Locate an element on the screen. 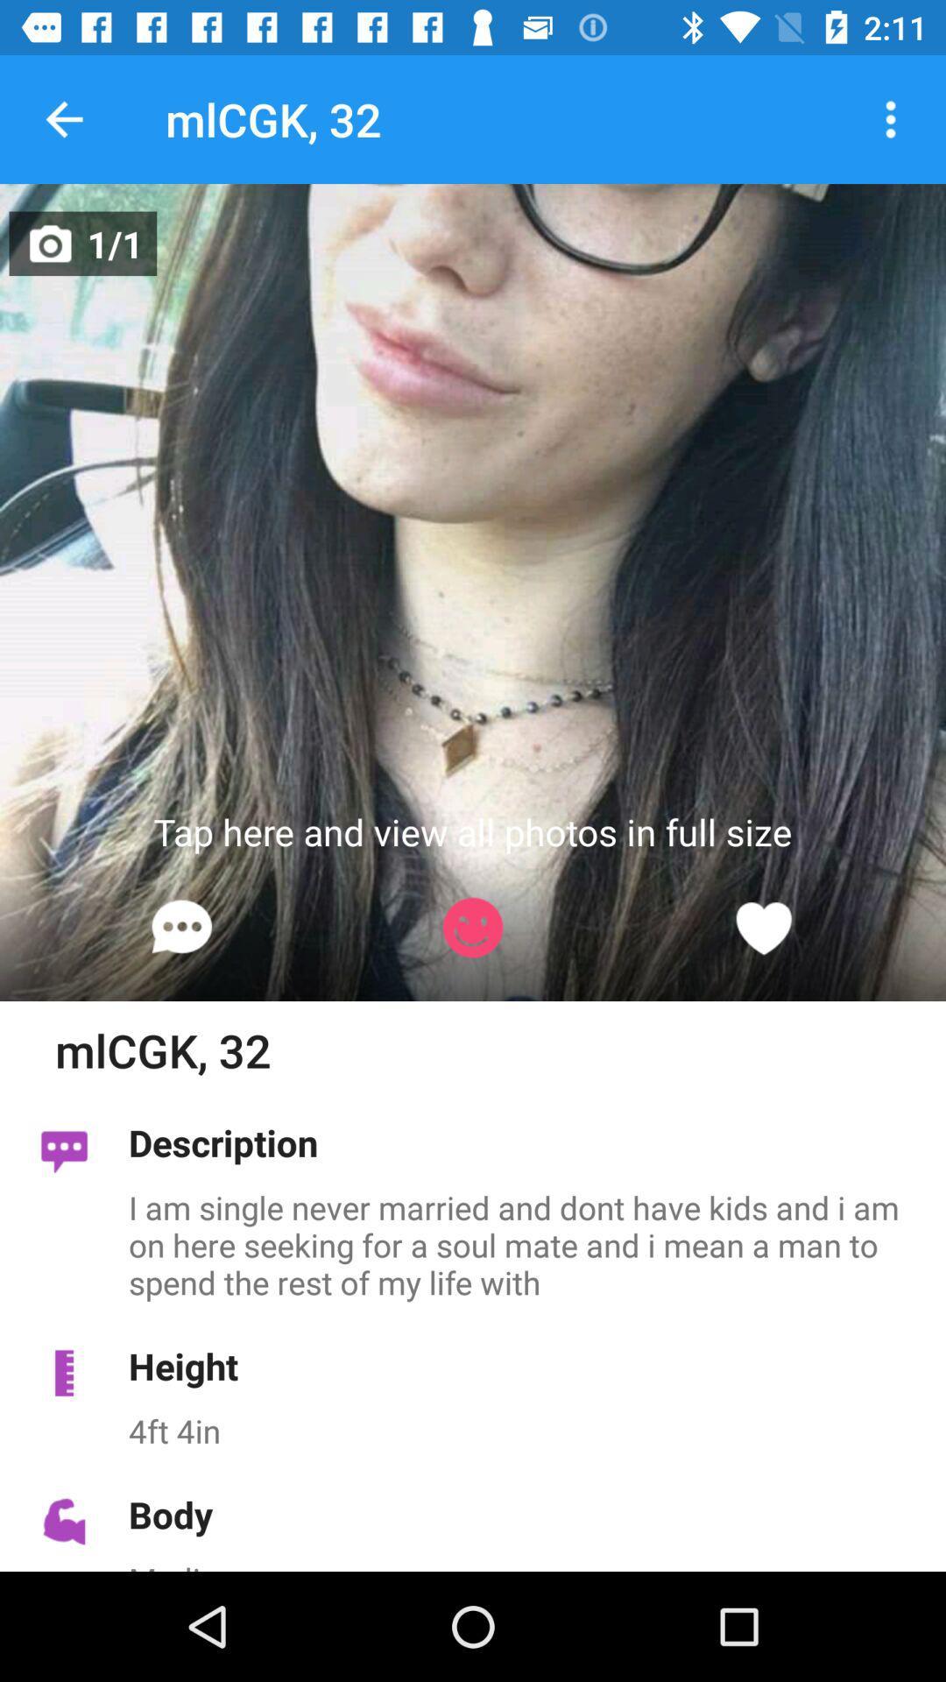 This screenshot has width=946, height=1682. icon to the right of mlcgk, 32 icon is located at coordinates (891, 118).